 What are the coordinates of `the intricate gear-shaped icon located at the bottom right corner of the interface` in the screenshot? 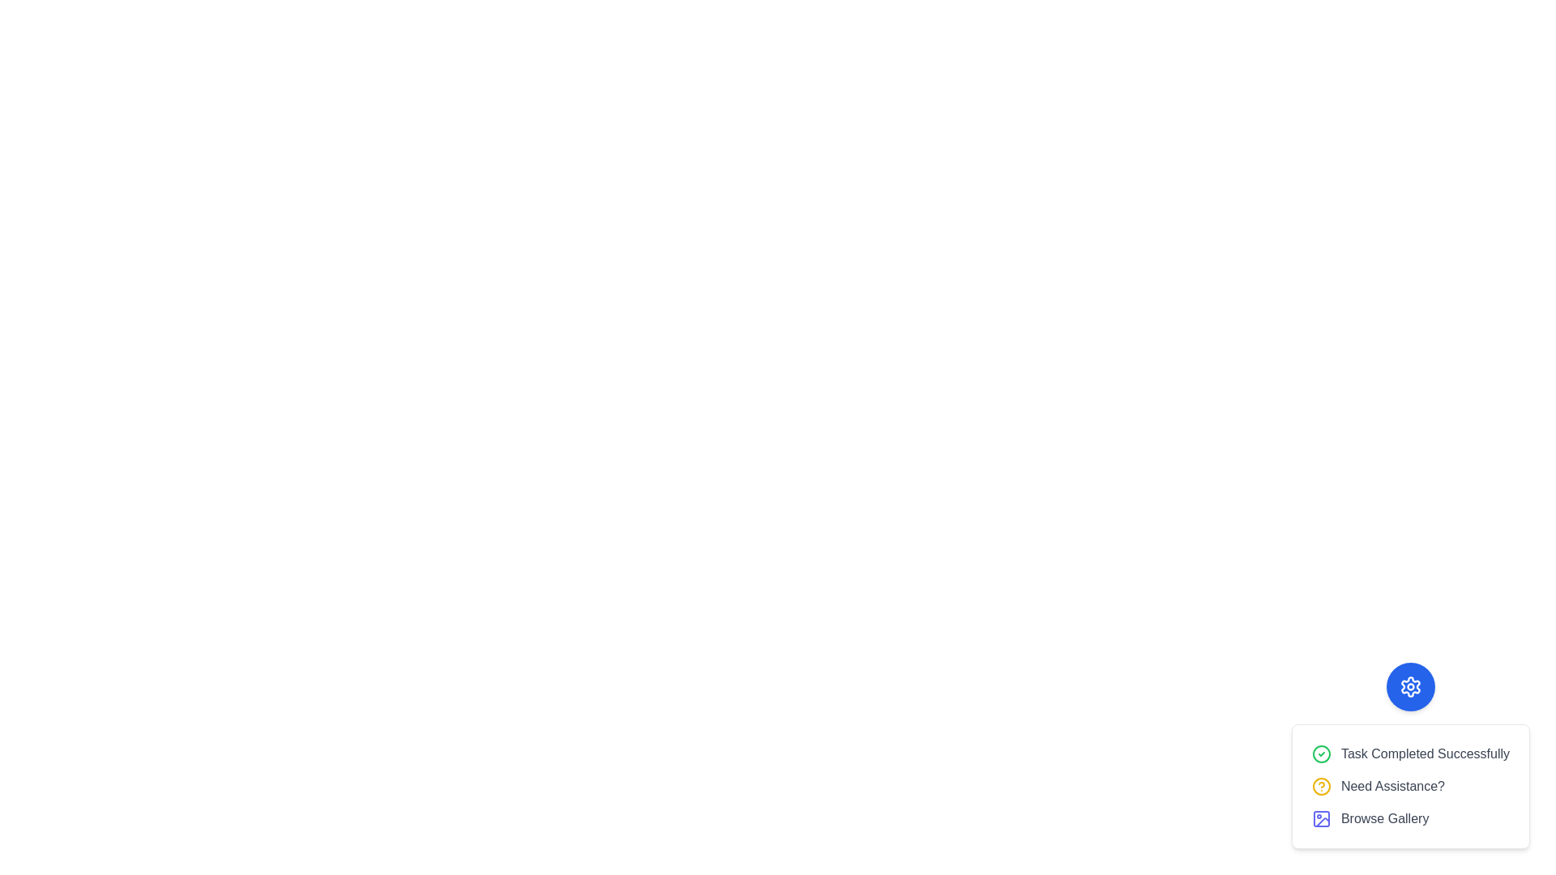 It's located at (1409, 687).